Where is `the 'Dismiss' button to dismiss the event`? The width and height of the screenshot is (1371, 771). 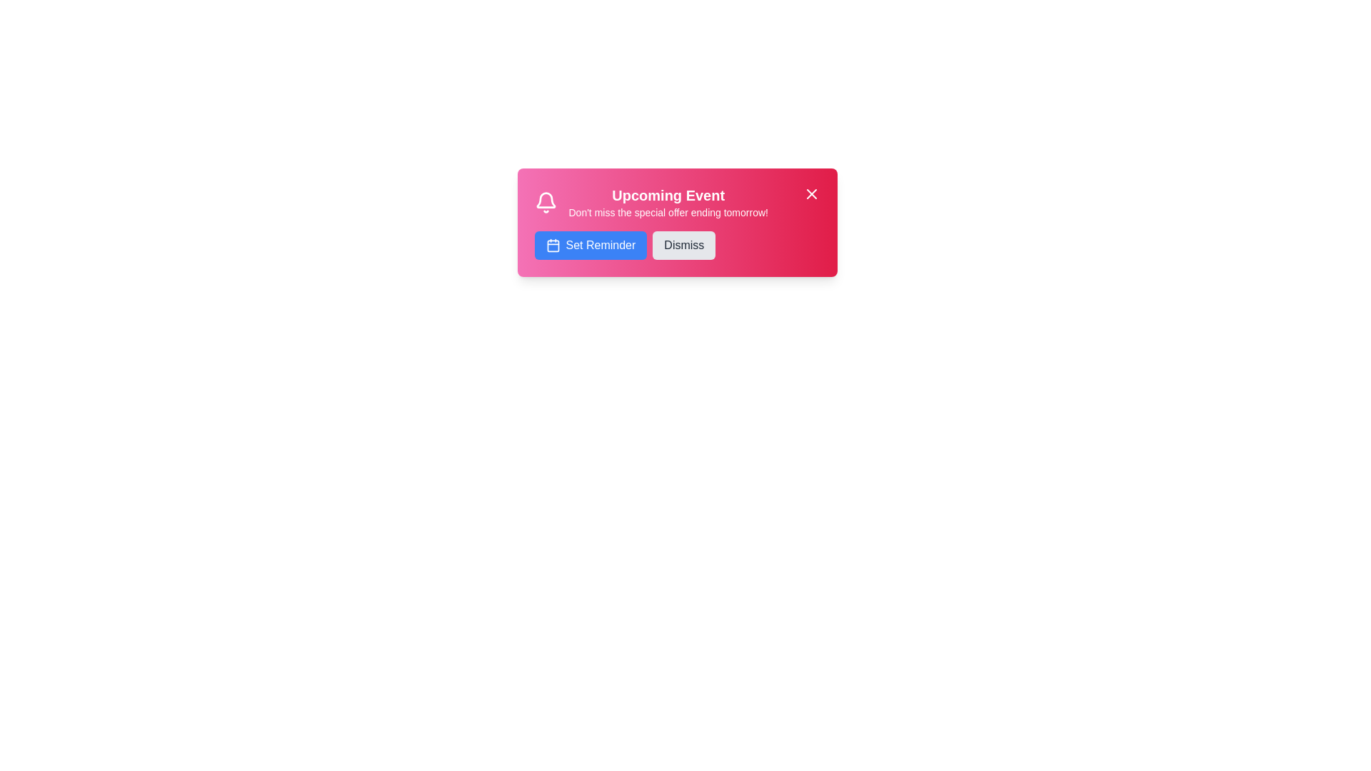 the 'Dismiss' button to dismiss the event is located at coordinates (683, 244).